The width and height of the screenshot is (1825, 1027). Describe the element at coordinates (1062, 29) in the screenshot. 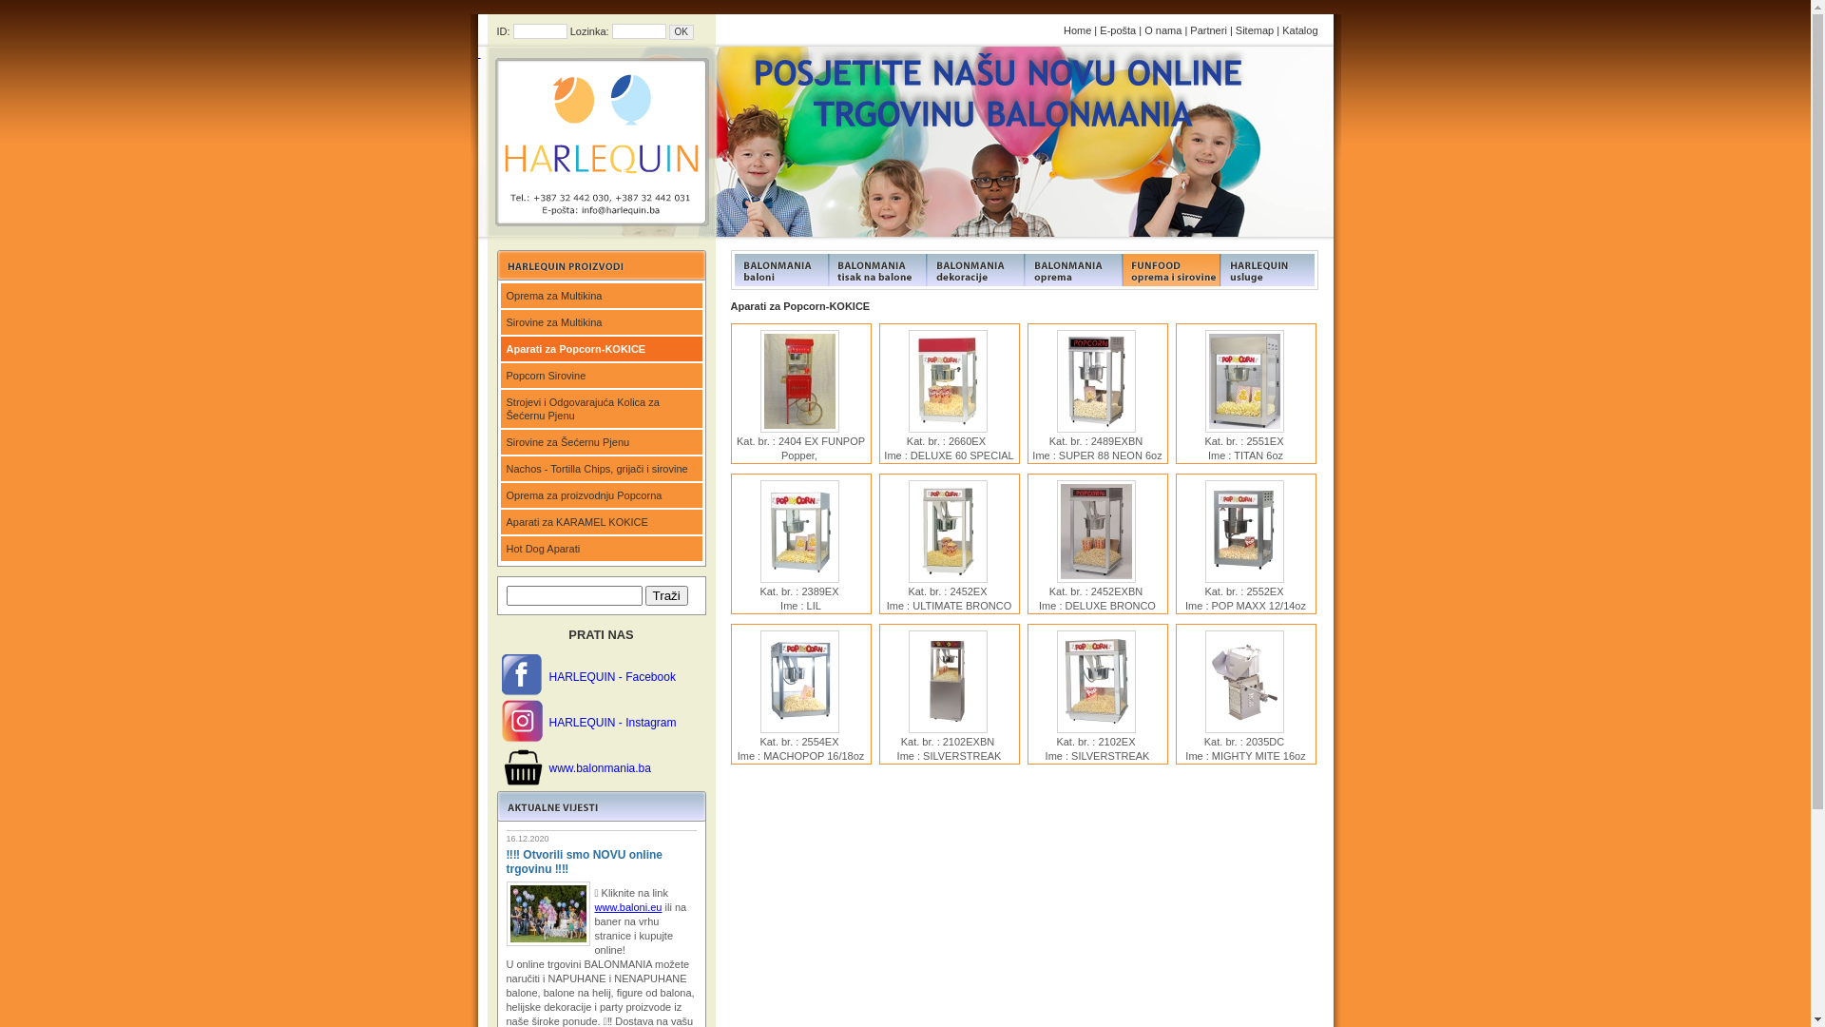

I see `'Home'` at that location.